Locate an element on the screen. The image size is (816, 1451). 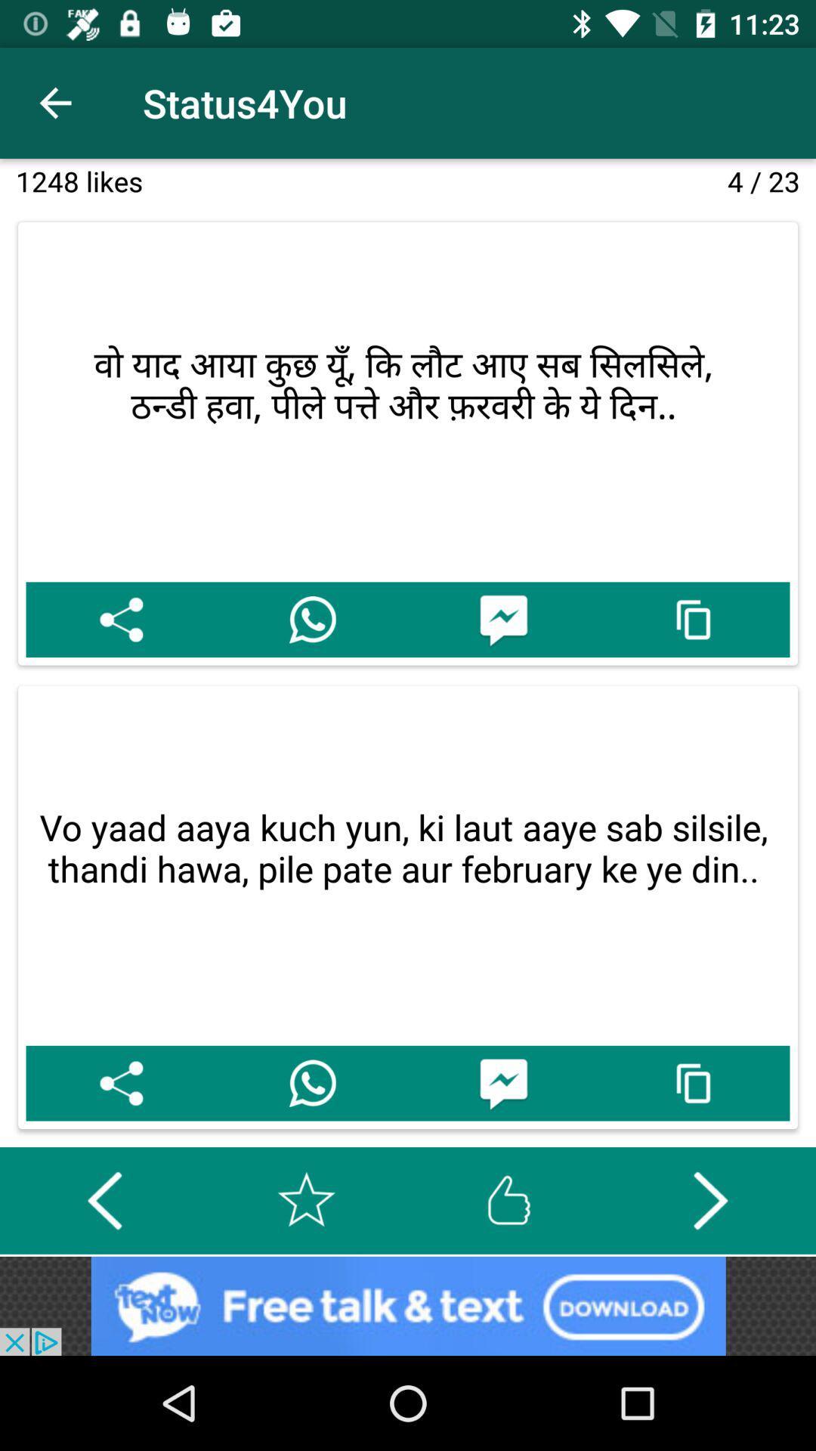
mark this page as important is located at coordinates (306, 1199).